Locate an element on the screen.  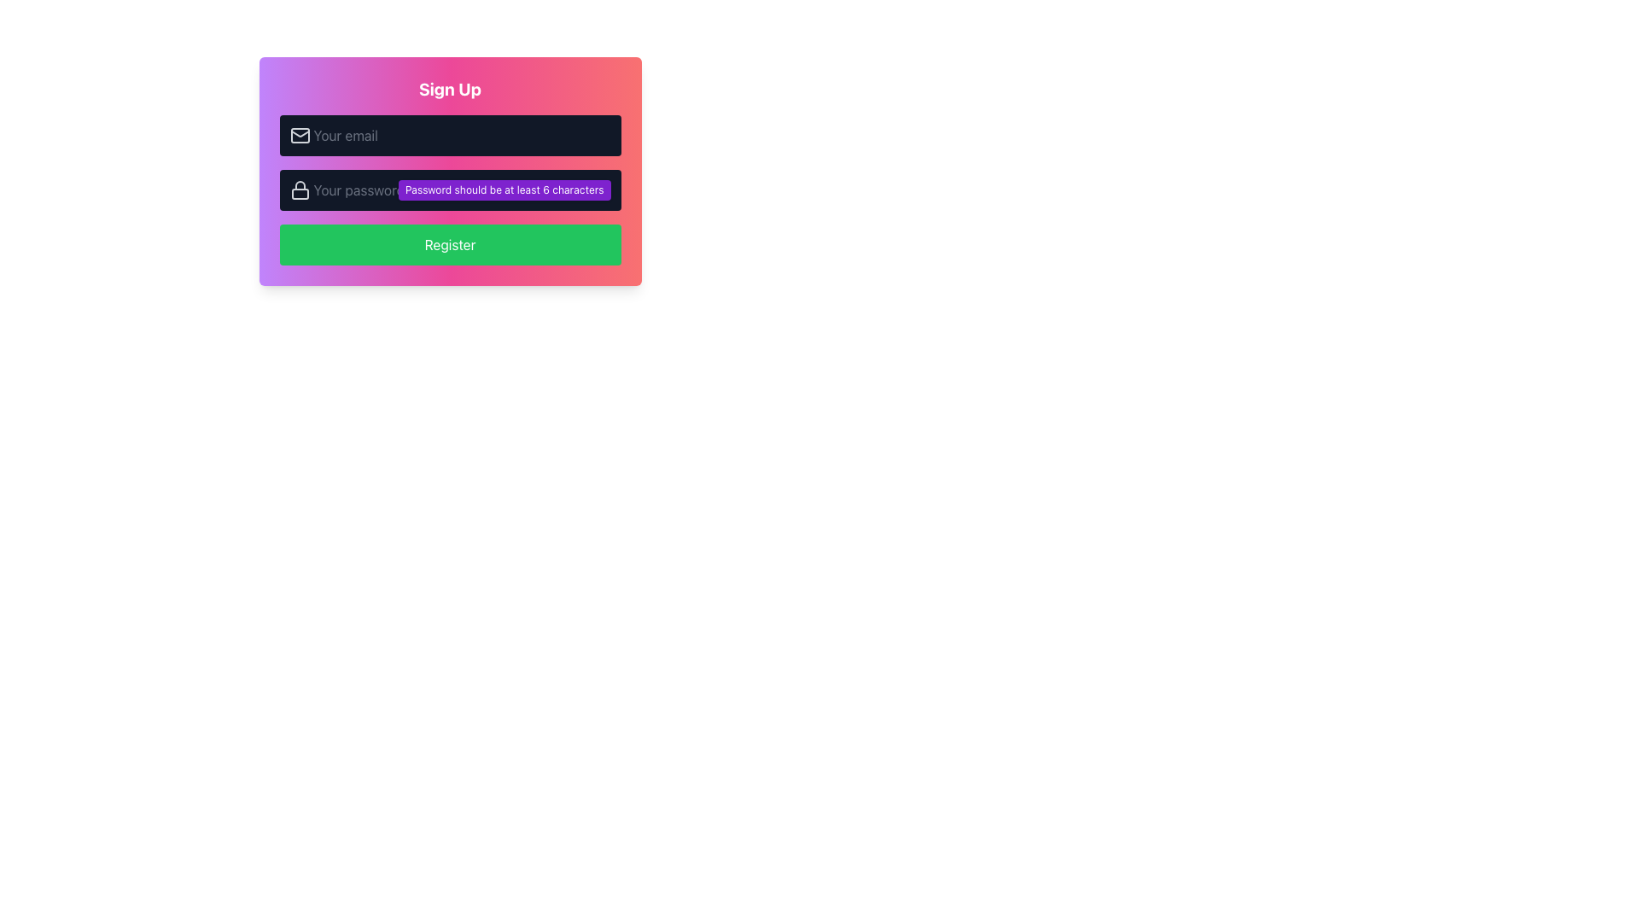
the lower rectangle of the padlock icon representing the body of the lock in the 'Your password' input field of the sign-up form is located at coordinates (300, 193).